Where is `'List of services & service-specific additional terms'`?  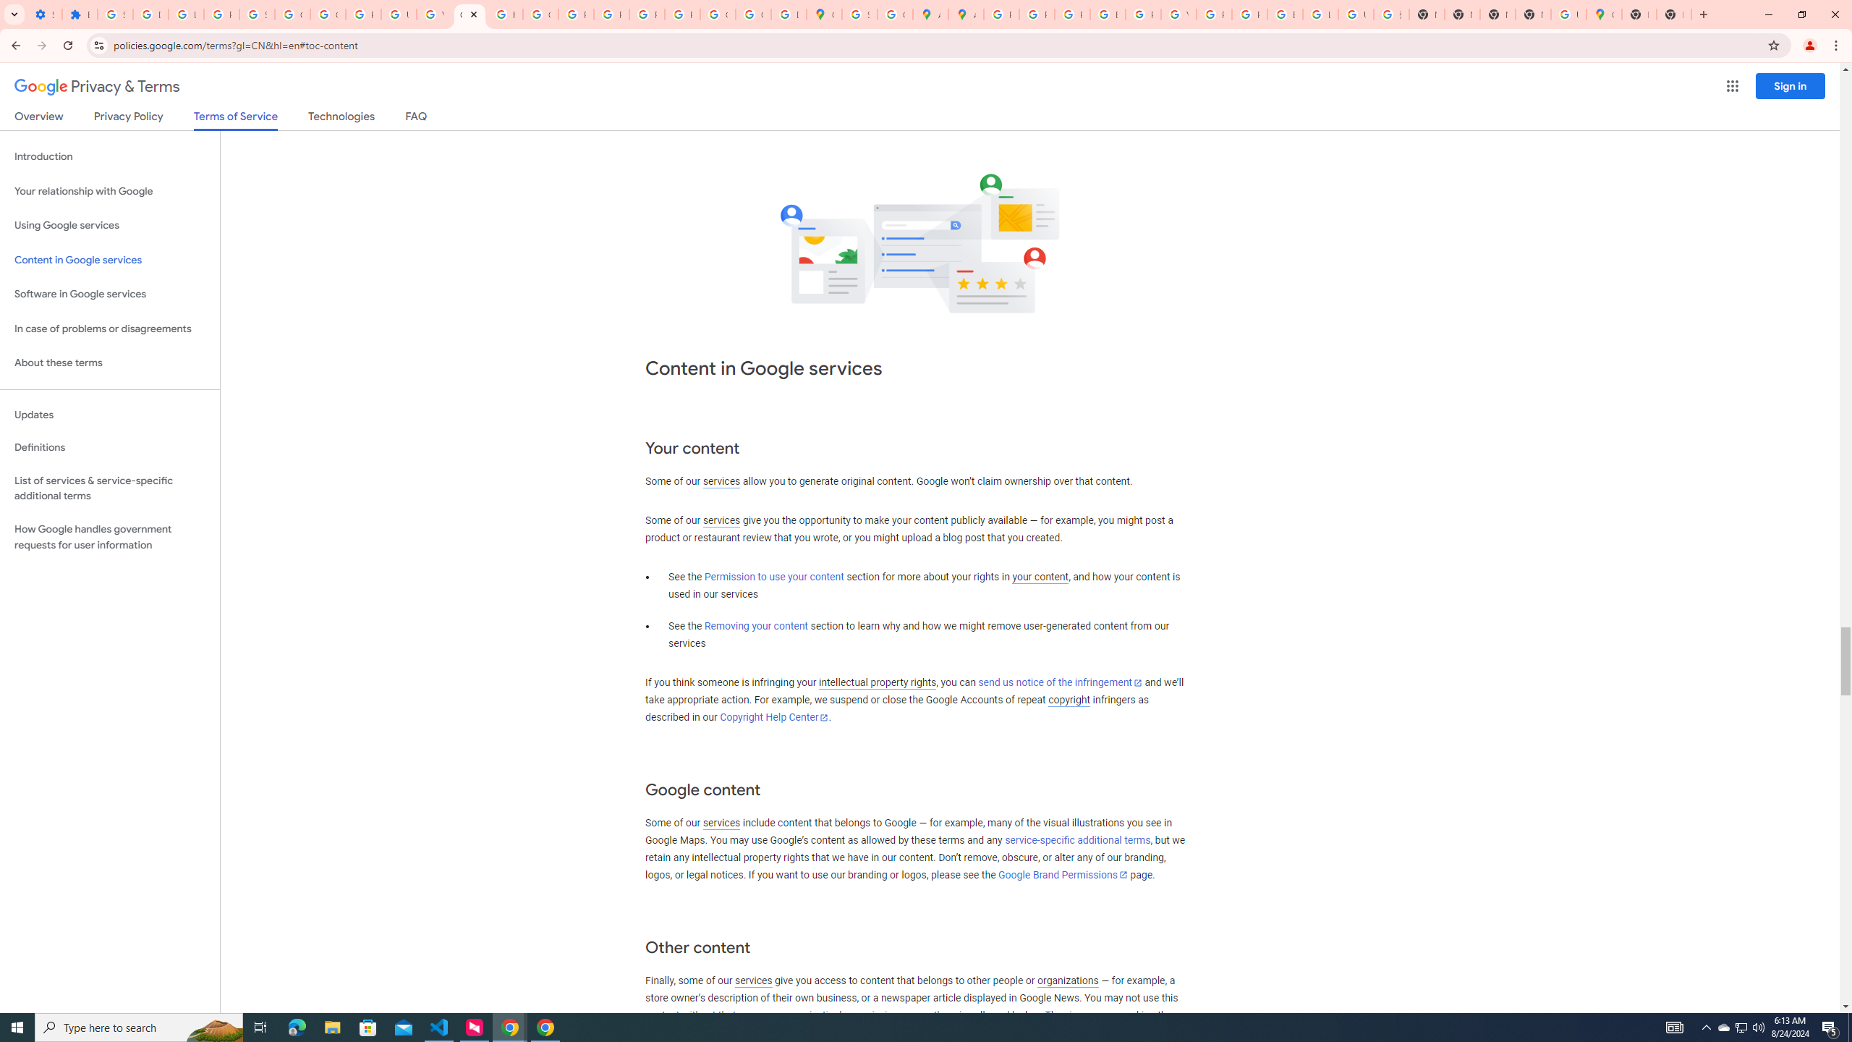 'List of services & service-specific additional terms' is located at coordinates (109, 488).